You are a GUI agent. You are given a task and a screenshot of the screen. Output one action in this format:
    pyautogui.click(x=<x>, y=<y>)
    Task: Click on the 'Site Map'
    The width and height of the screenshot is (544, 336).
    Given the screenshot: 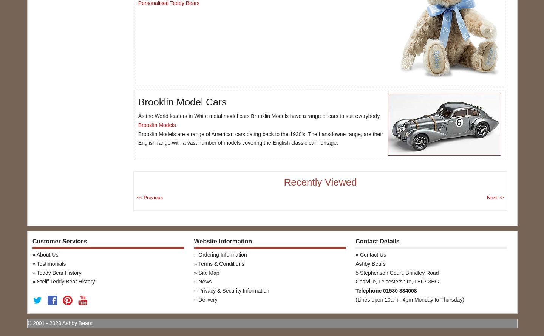 What is the action you would take?
    pyautogui.click(x=209, y=272)
    